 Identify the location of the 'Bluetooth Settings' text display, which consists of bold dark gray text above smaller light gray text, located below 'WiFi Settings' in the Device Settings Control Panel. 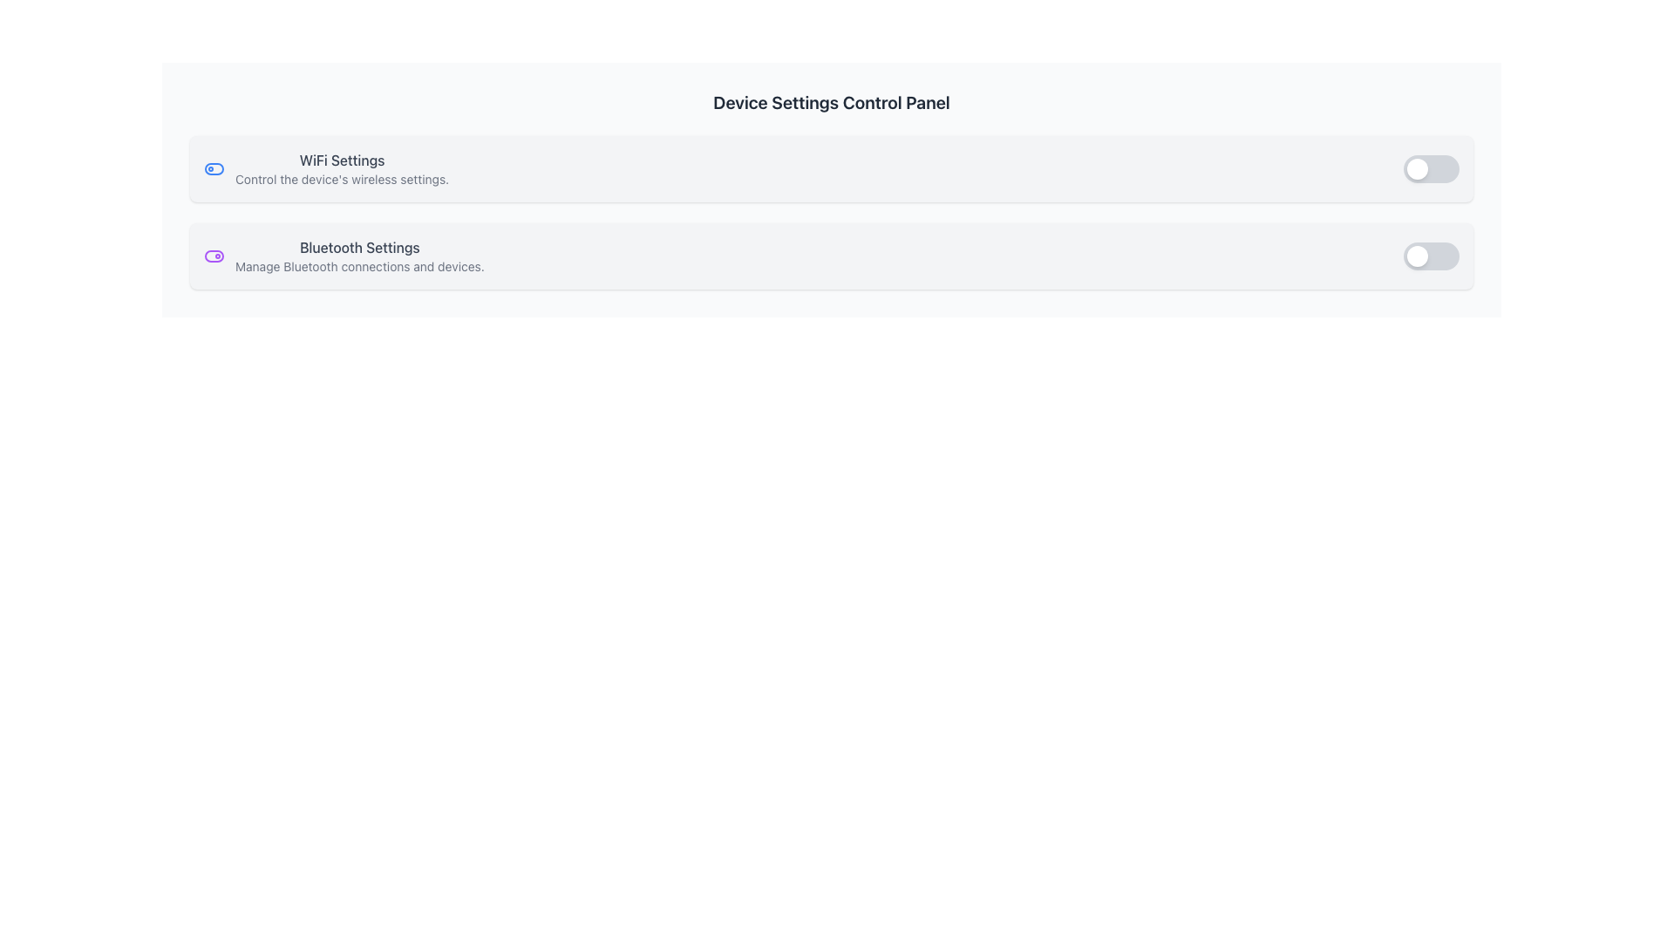
(358, 256).